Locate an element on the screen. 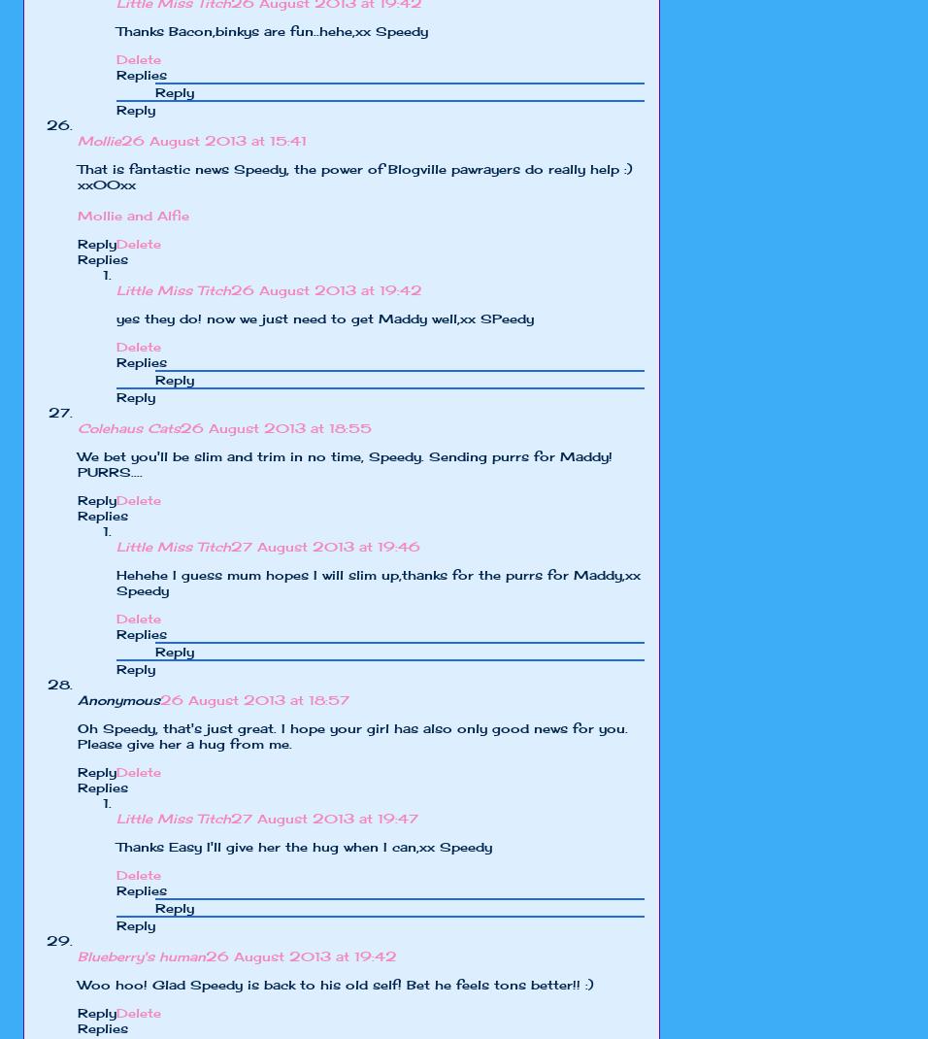 Image resolution: width=928 pixels, height=1039 pixels. 'Mollie' is located at coordinates (98, 140).